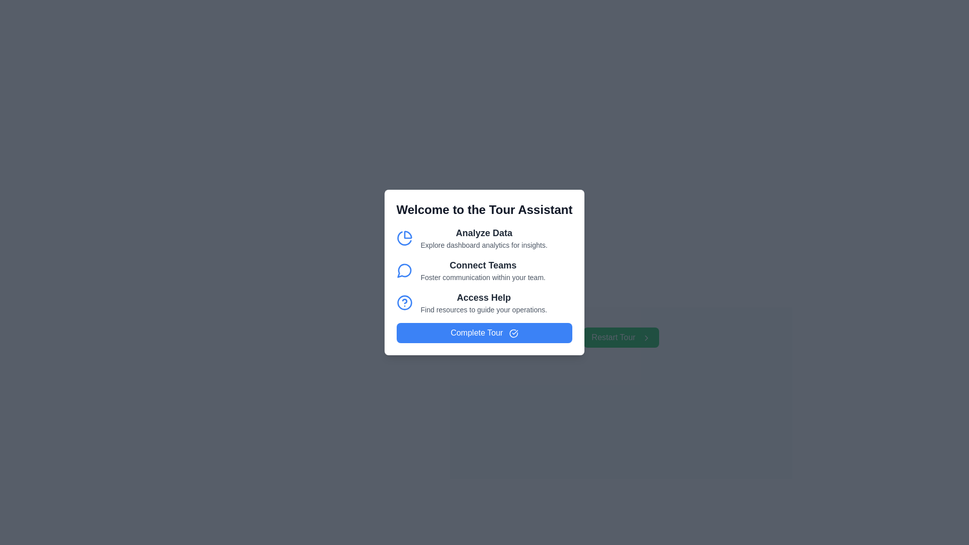 The width and height of the screenshot is (969, 545). What do you see at coordinates (482, 278) in the screenshot?
I see `the descriptive text element located directly below the 'Connect Teams' heading, which provides clarification about the feature` at bounding box center [482, 278].